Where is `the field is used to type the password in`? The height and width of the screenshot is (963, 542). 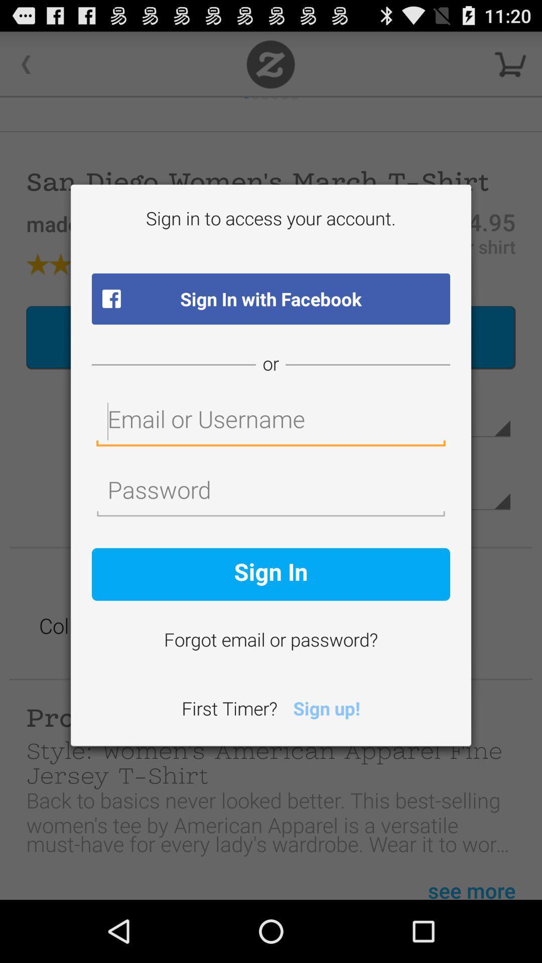 the field is used to type the password in is located at coordinates (271, 493).